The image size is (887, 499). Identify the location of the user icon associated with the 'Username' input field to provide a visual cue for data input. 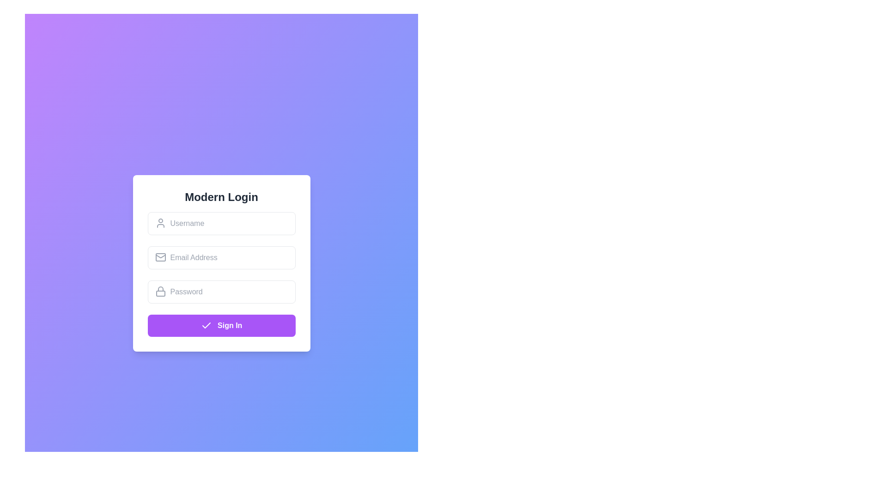
(160, 223).